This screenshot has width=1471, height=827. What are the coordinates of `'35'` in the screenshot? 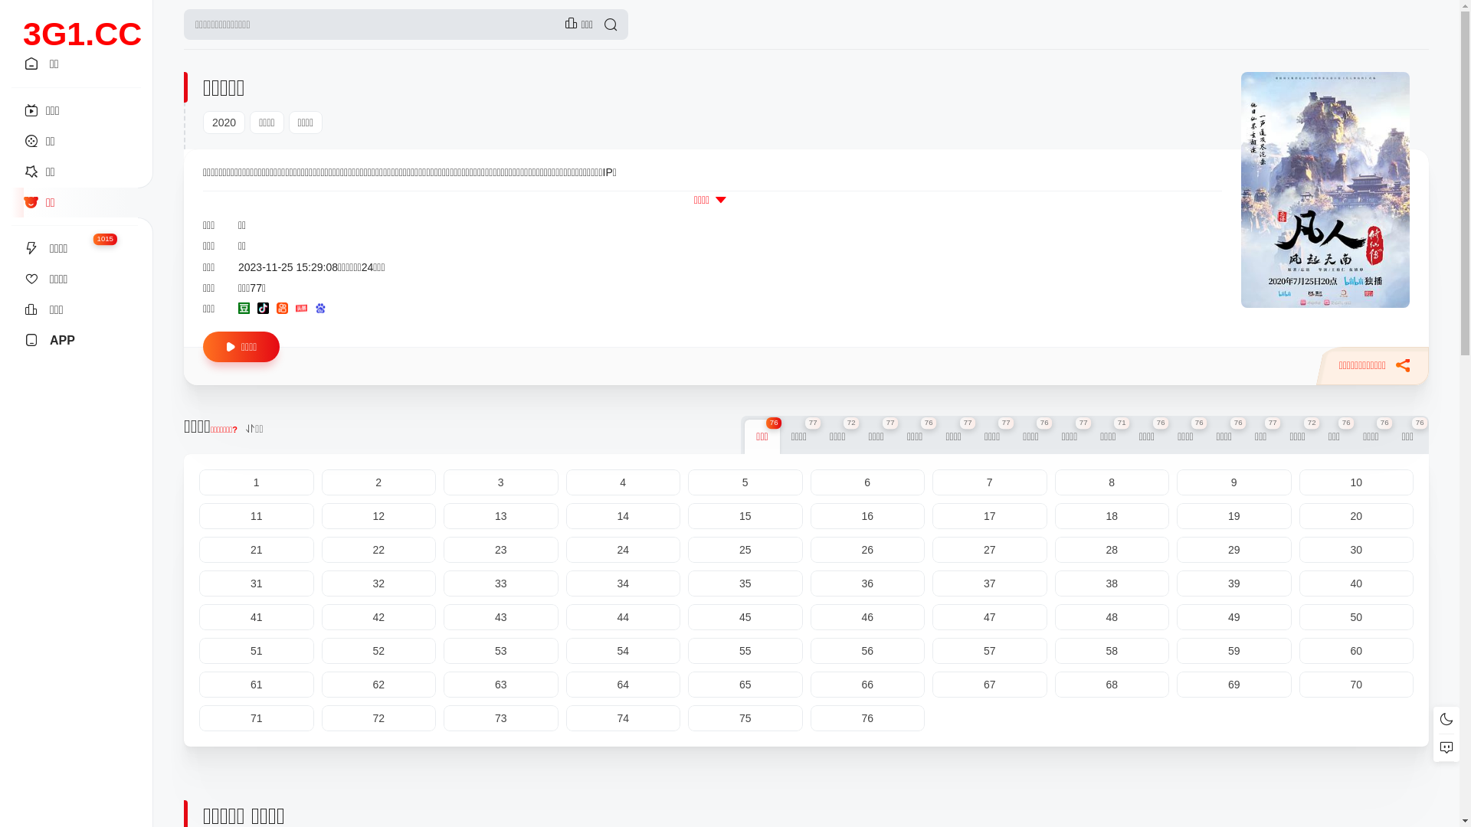 It's located at (745, 583).